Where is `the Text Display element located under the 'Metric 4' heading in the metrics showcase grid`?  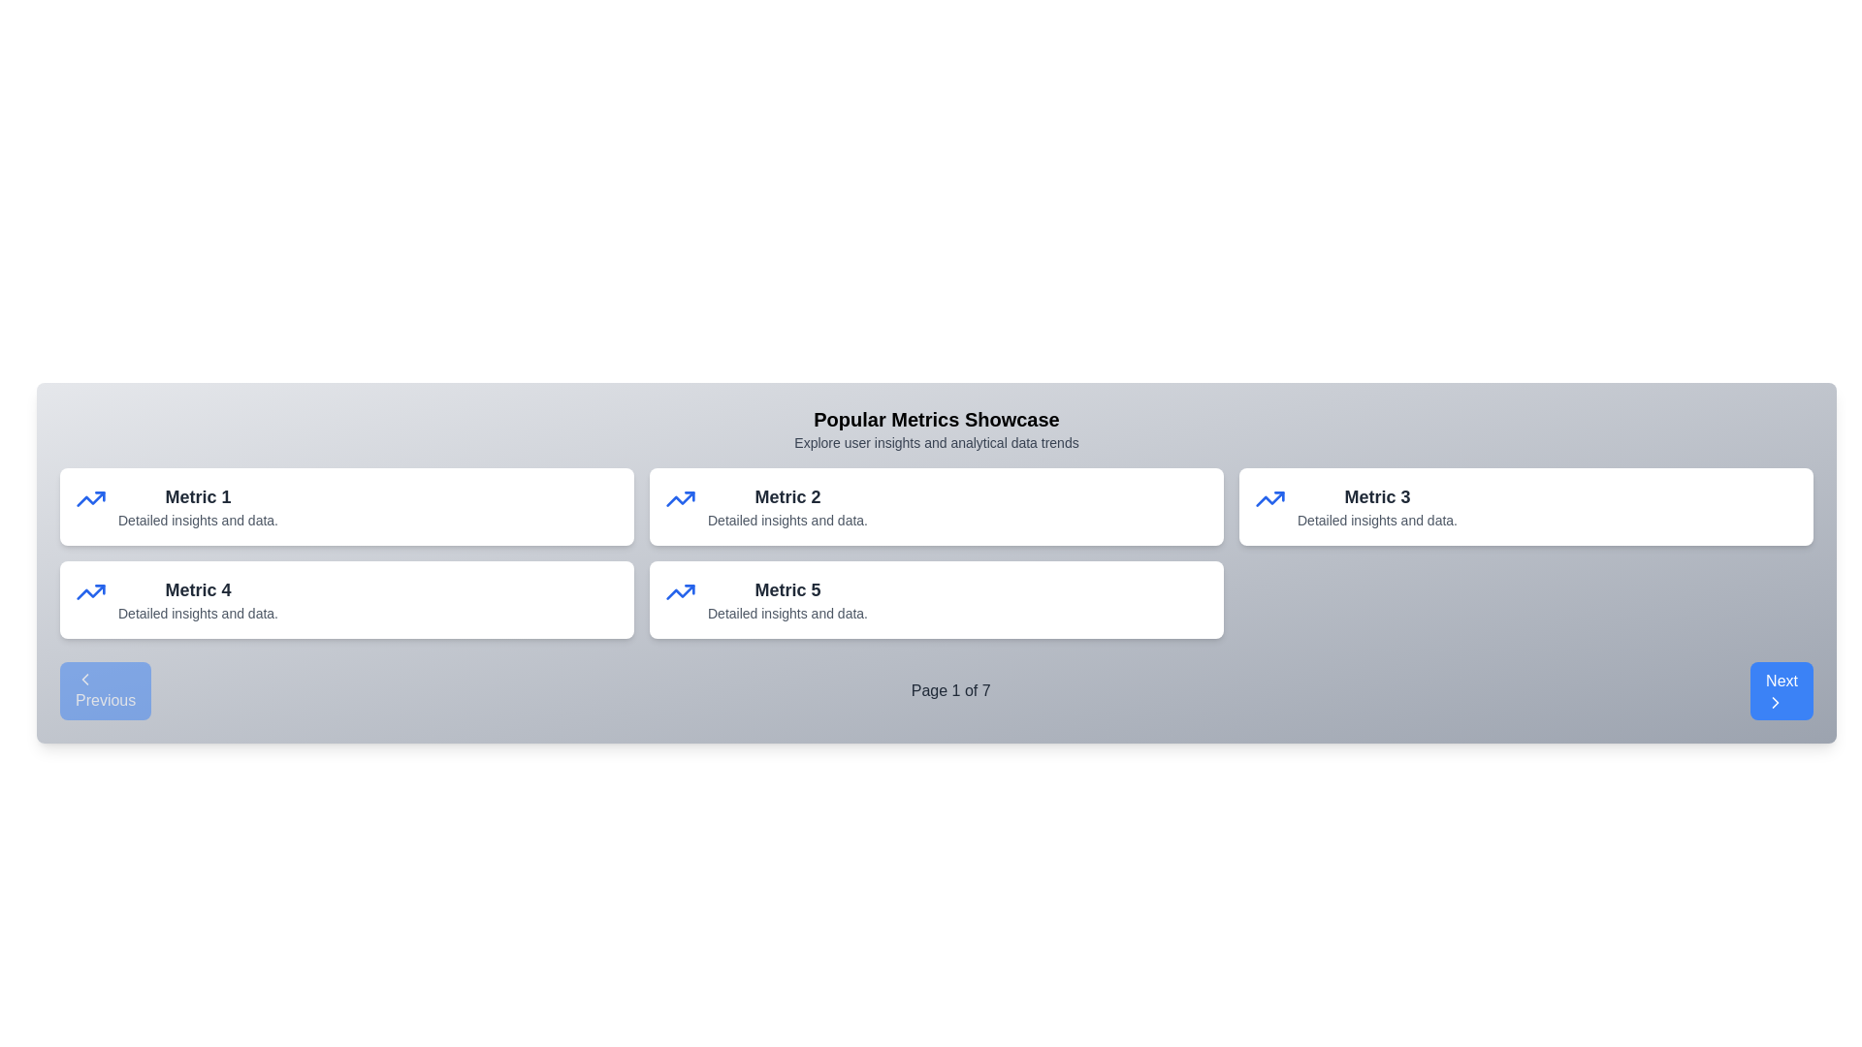 the Text Display element located under the 'Metric 4' heading in the metrics showcase grid is located at coordinates (198, 613).